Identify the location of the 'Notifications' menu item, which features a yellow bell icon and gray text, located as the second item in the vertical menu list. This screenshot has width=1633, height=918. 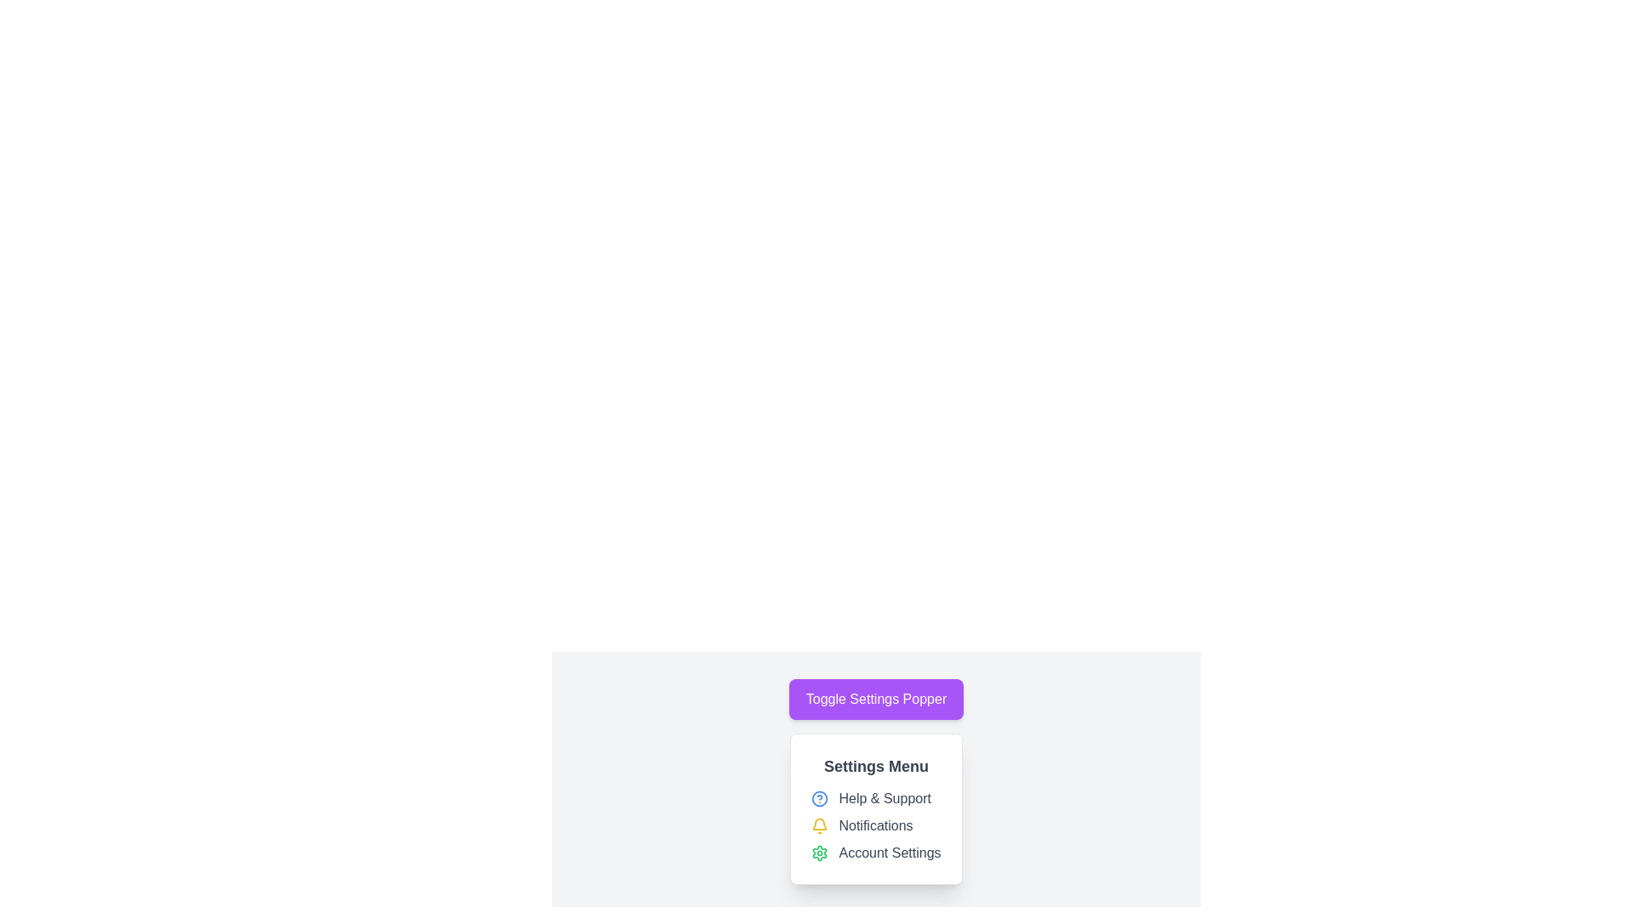
(876, 825).